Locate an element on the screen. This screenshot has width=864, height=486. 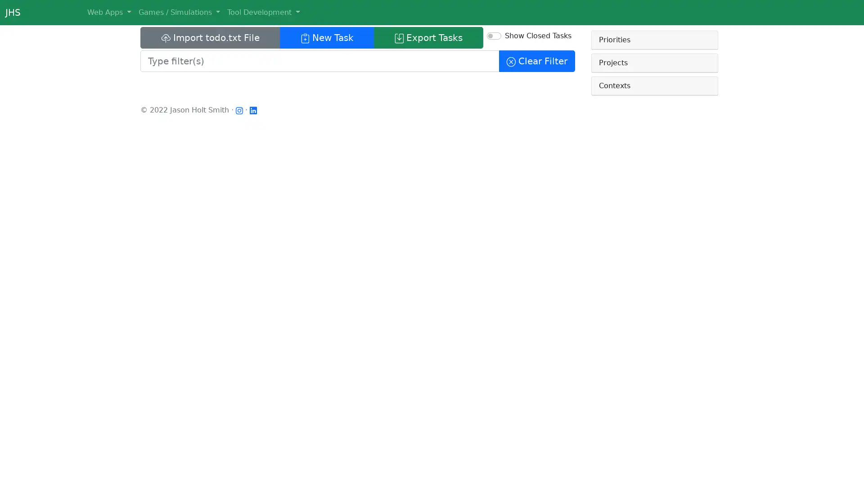
Choose File is located at coordinates (164, 57).